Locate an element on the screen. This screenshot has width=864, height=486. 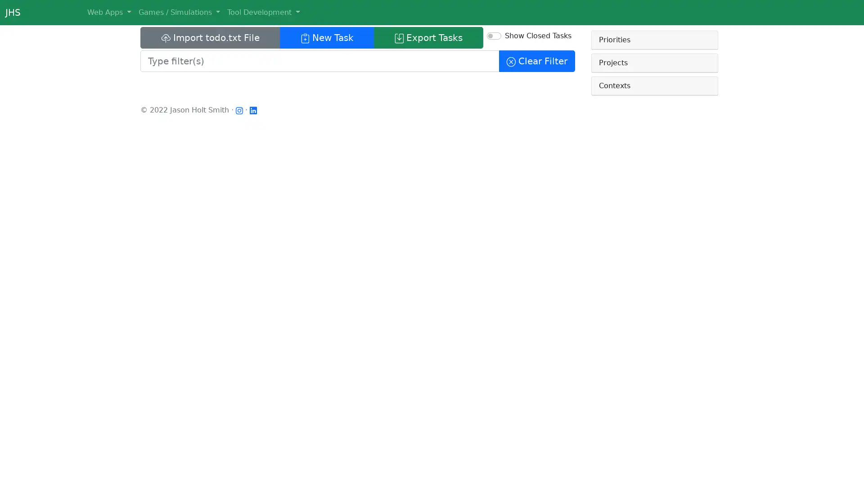
Choose File is located at coordinates (164, 57).